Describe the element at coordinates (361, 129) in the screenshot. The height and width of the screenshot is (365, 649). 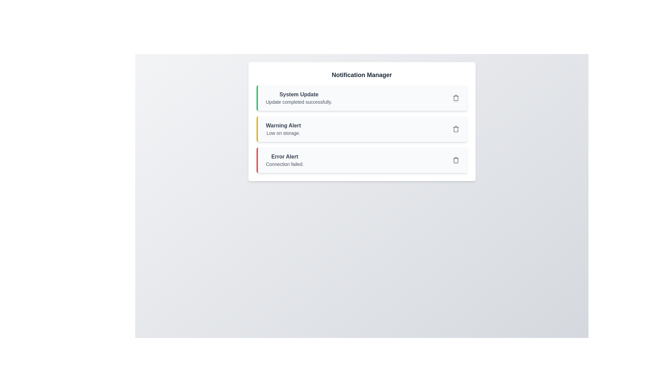
I see `the second notification card in the 'Notification Manager'` at that location.